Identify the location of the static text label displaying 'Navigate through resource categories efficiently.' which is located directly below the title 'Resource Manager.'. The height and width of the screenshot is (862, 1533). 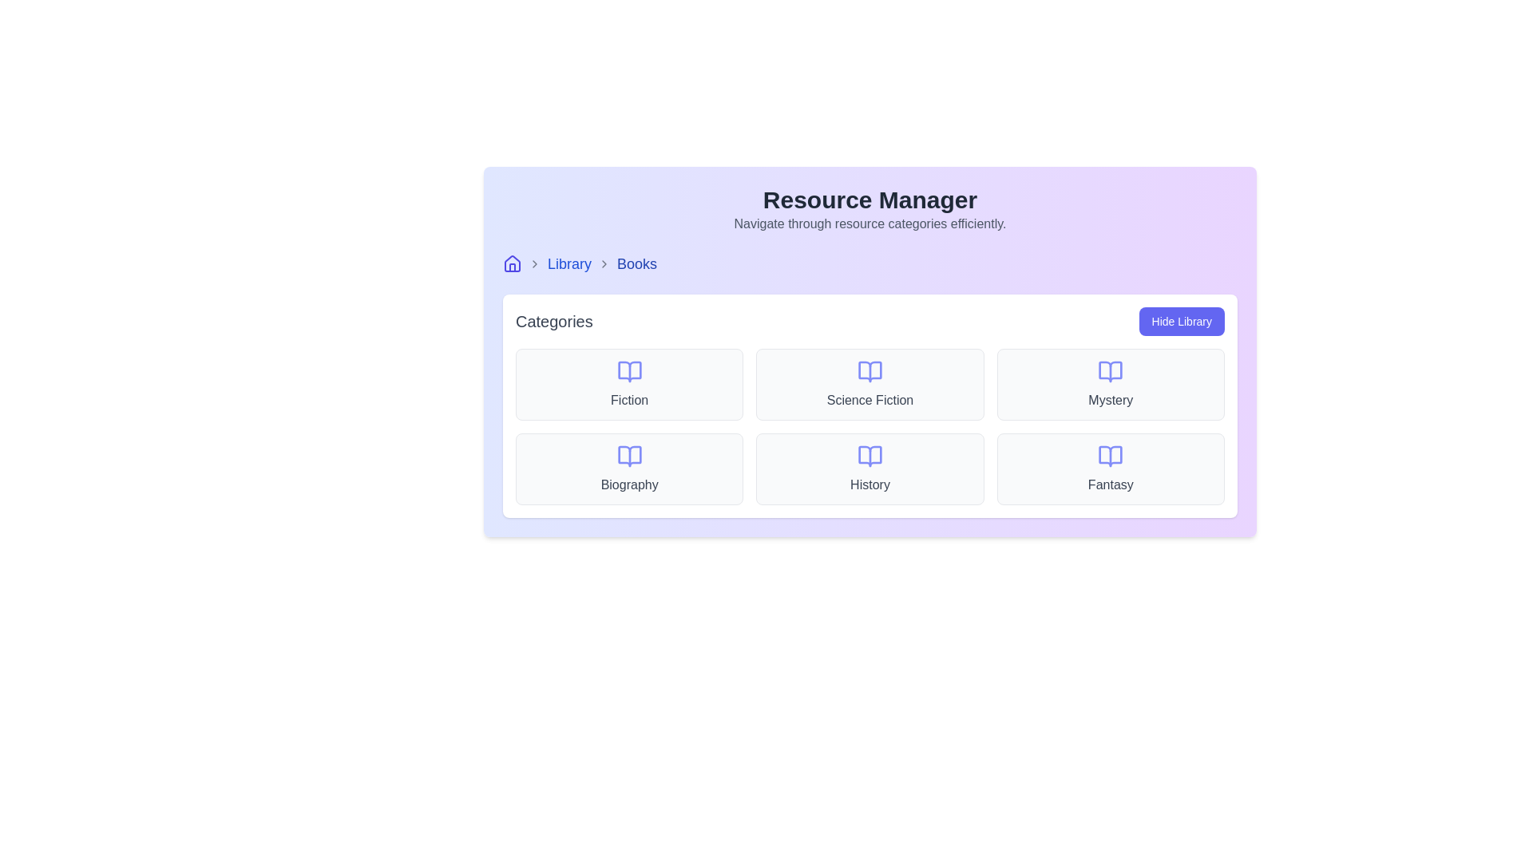
(869, 224).